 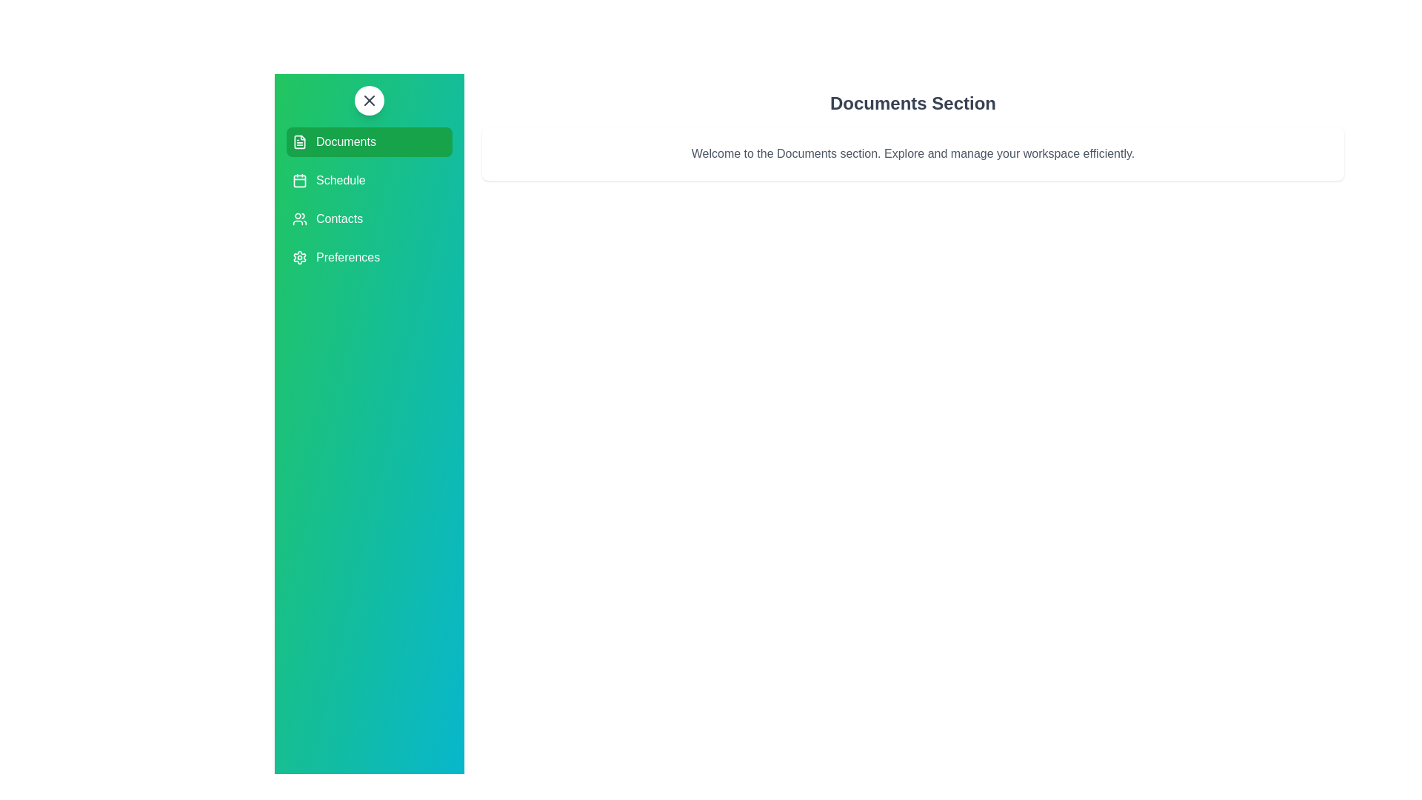 I want to click on the Contacts section to select it, so click(x=370, y=219).